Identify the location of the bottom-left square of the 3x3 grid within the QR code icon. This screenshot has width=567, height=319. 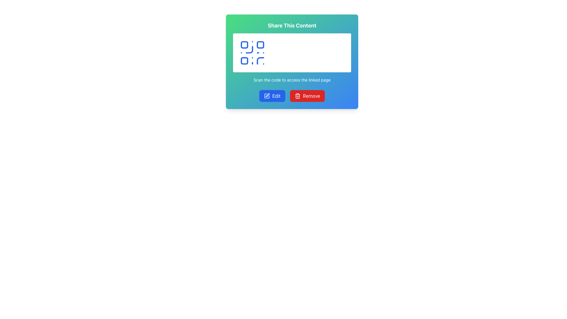
(244, 61).